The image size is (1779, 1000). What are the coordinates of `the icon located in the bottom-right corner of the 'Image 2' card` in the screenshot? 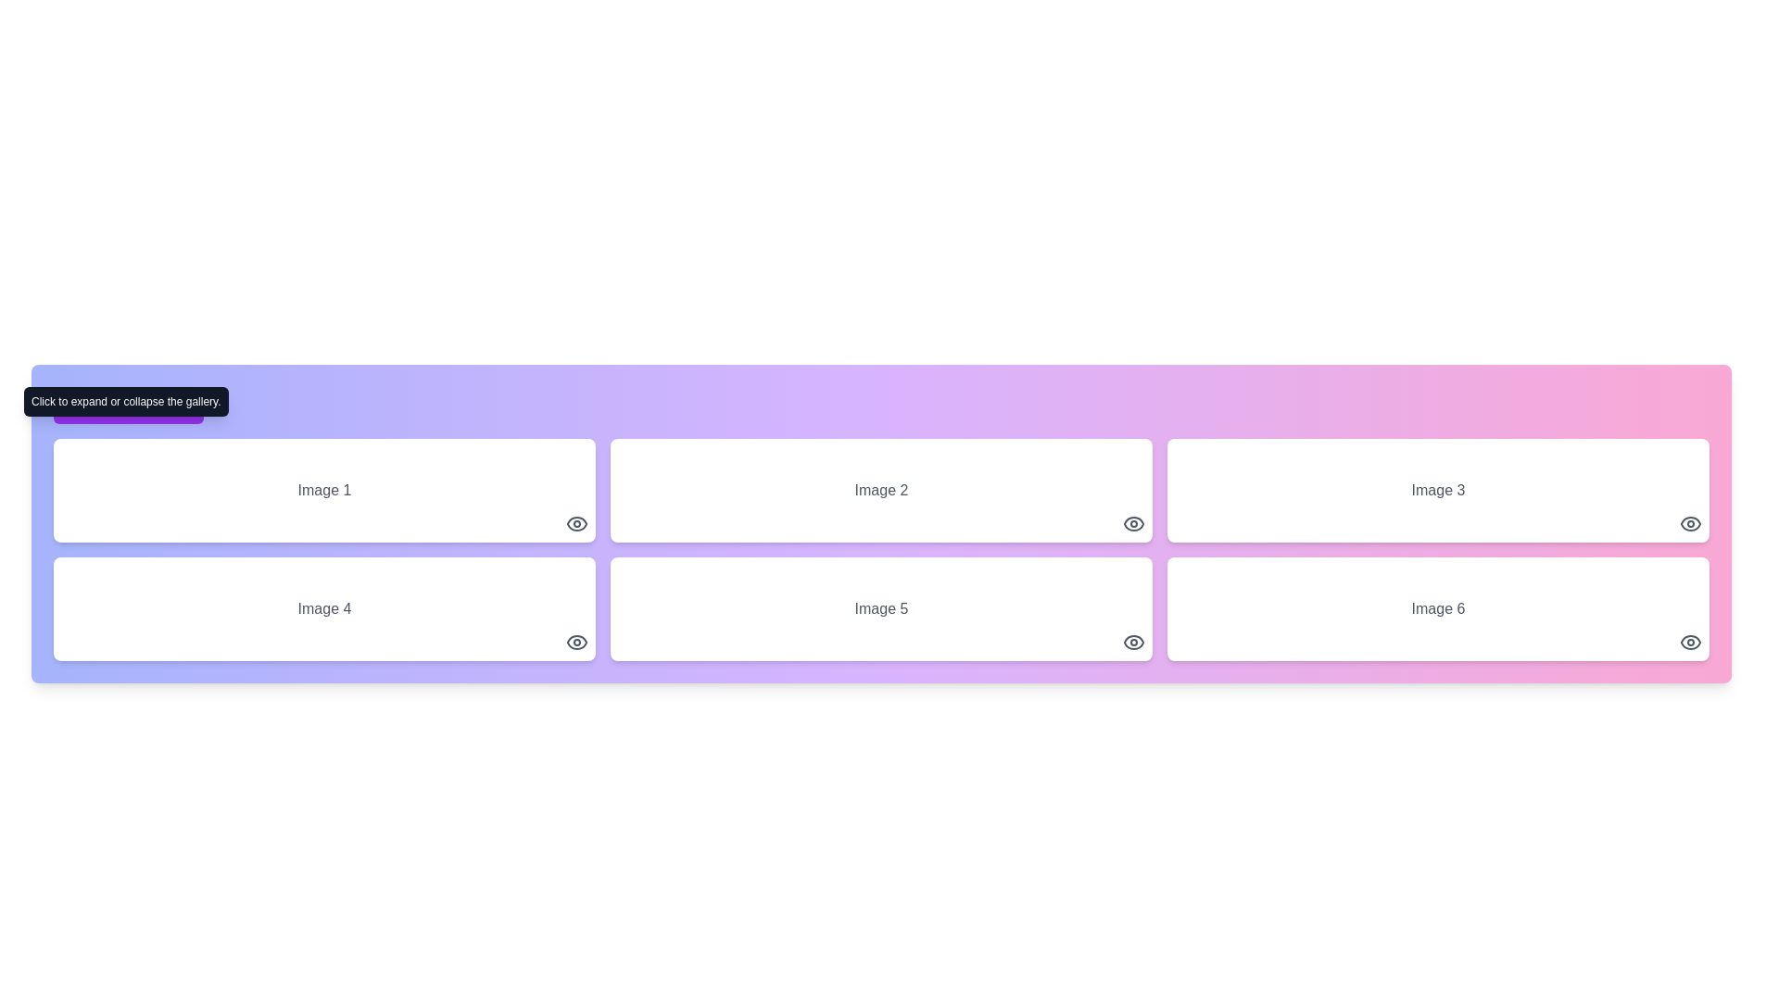 It's located at (1133, 524).